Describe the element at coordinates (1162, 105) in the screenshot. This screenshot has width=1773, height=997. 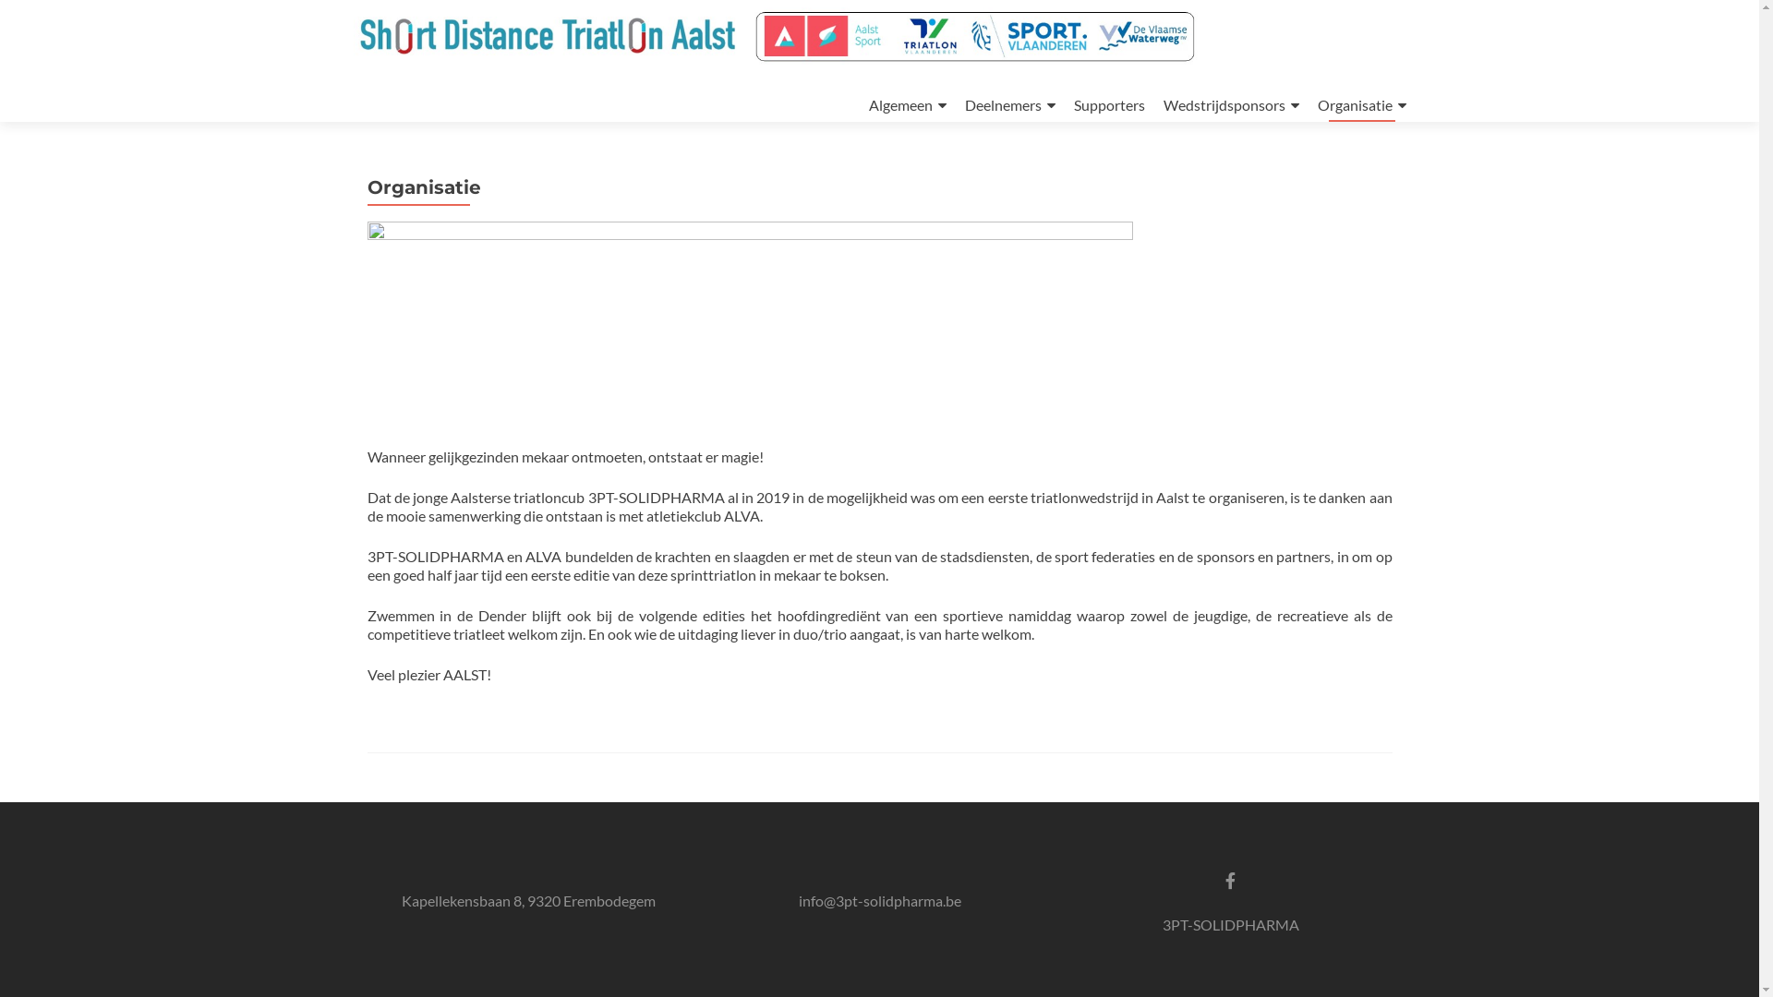
I see `'Wedstrijdsponsors'` at that location.